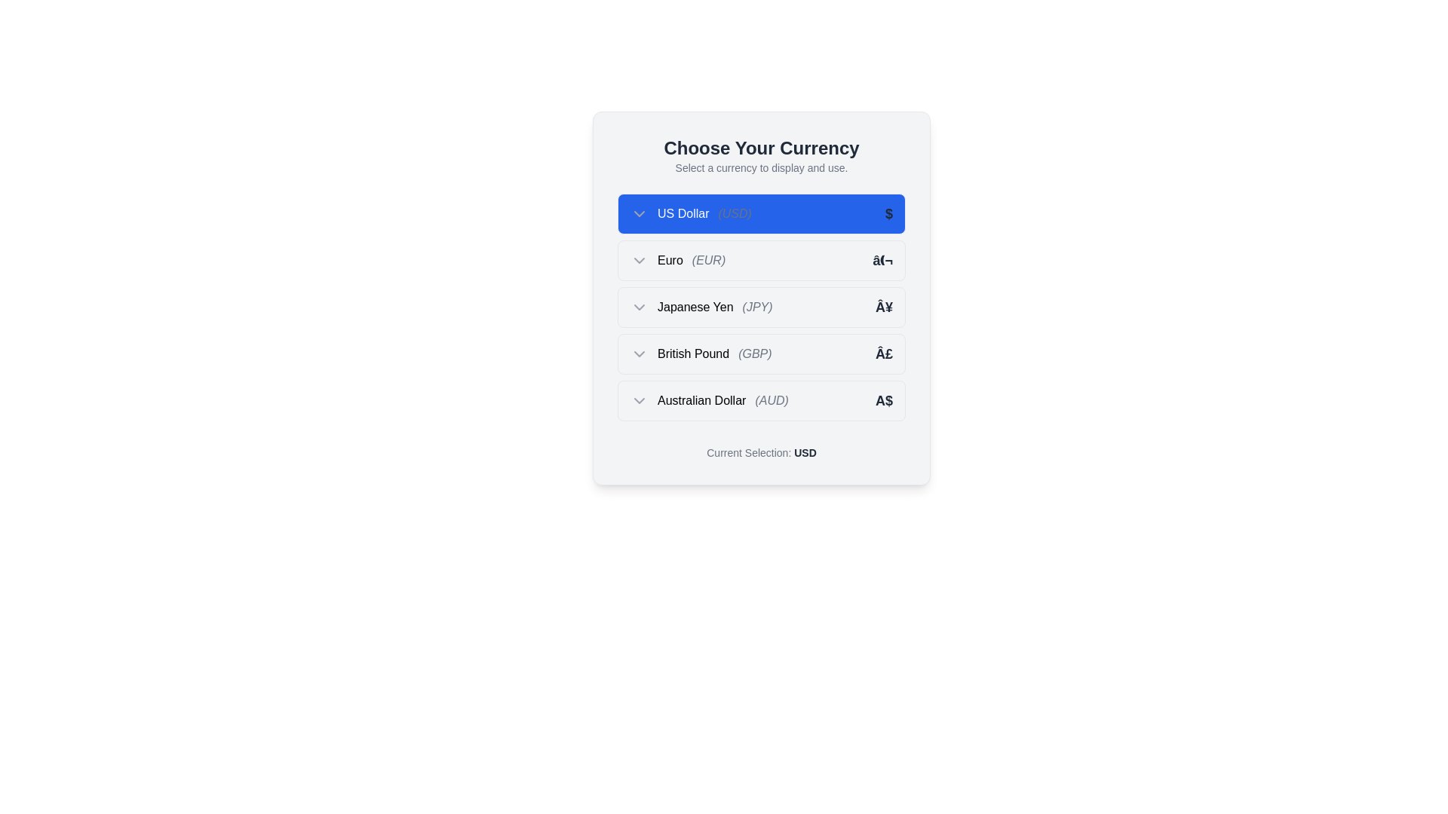  Describe the element at coordinates (640, 260) in the screenshot. I see `the downward-pointing chevron icon indicating dropdown functionality next to 'Euro (EUR)' in the second row of the list` at that location.